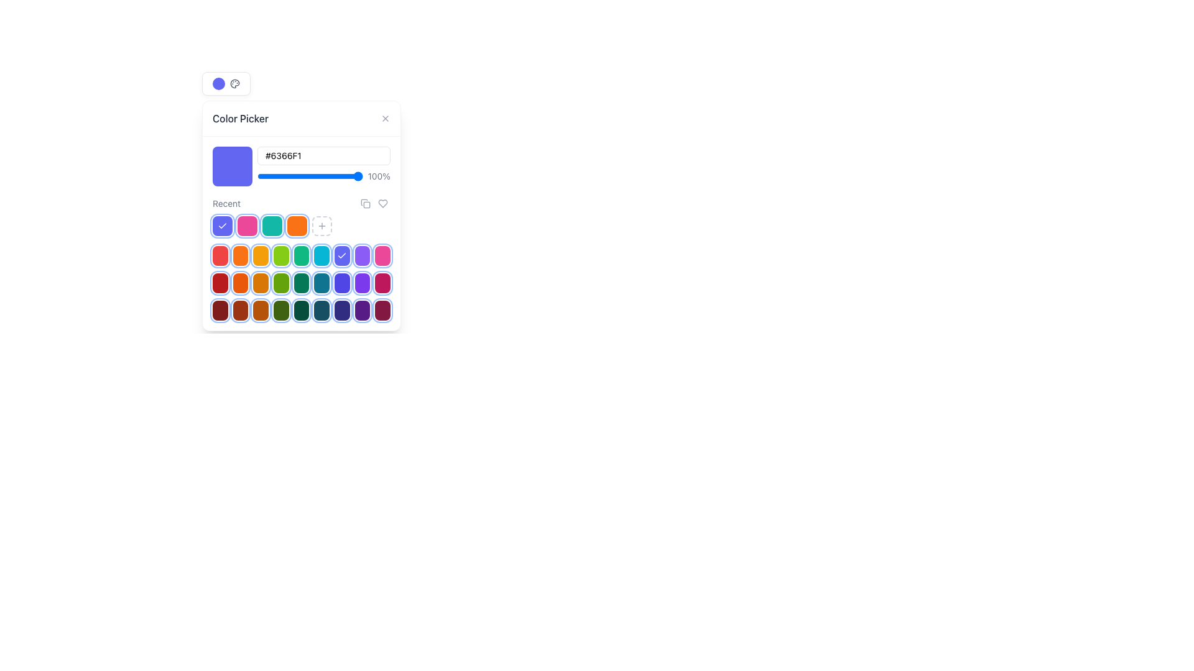 The image size is (1194, 671). Describe the element at coordinates (301, 283) in the screenshot. I see `the selectable color tile located in the center of the third row of the color picker, which is the sixth tile in that row` at that location.